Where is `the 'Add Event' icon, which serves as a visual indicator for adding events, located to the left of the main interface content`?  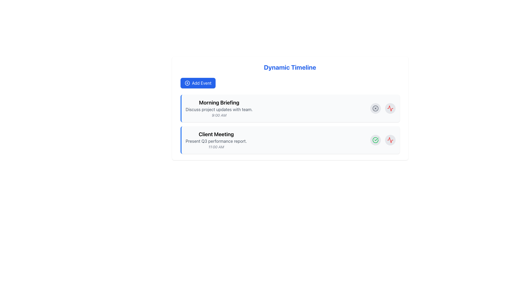
the 'Add Event' icon, which serves as a visual indicator for adding events, located to the left of the main interface content is located at coordinates (187, 83).